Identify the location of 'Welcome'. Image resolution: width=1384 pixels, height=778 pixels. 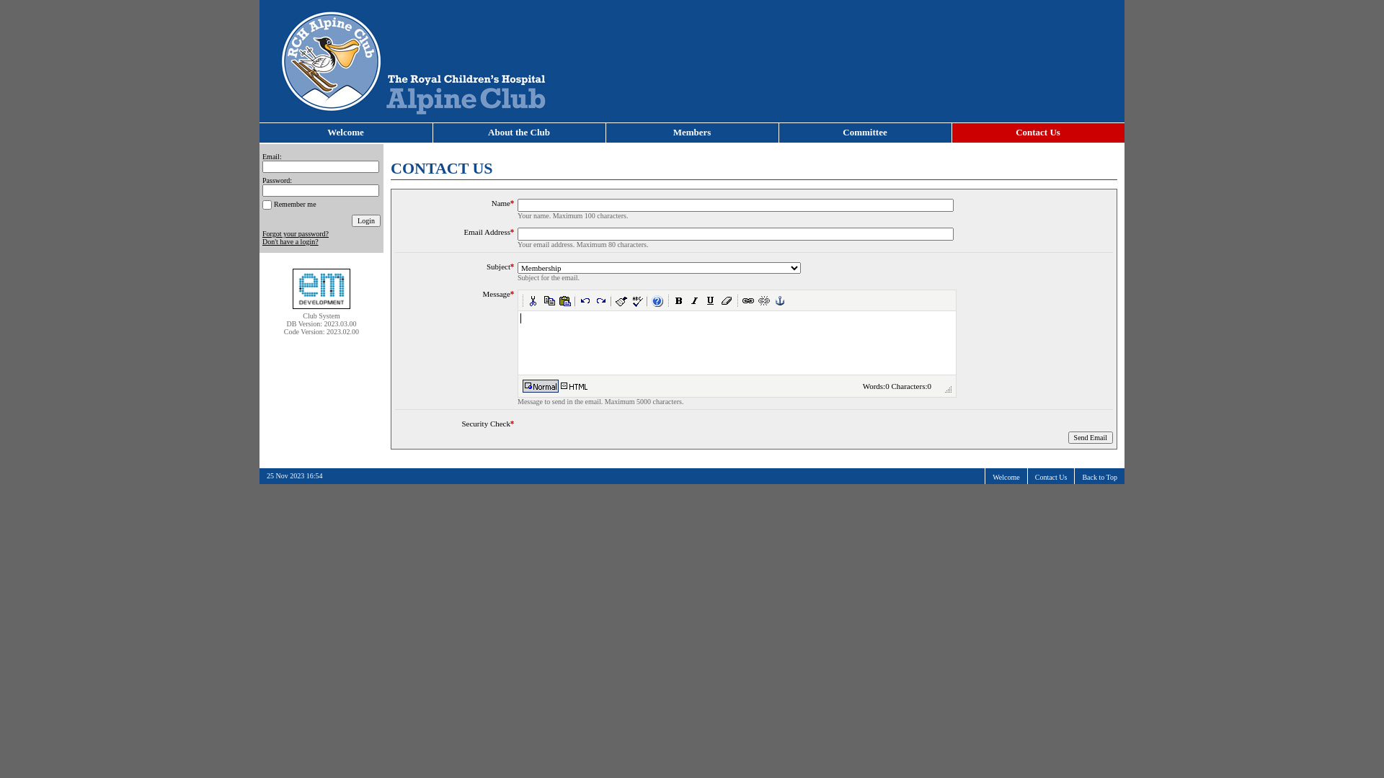
(346, 133).